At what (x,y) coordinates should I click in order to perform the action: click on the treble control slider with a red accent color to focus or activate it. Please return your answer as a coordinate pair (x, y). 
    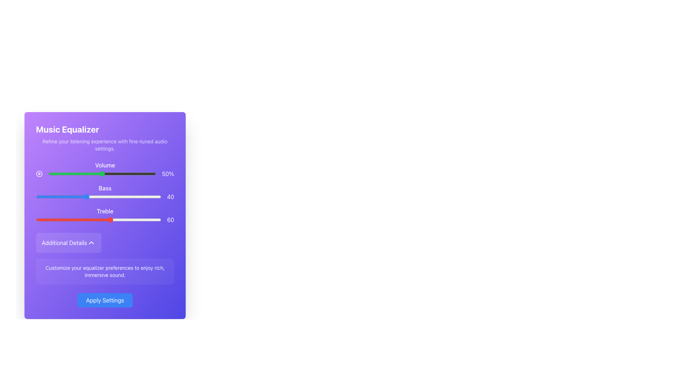
    Looking at the image, I should click on (105, 220).